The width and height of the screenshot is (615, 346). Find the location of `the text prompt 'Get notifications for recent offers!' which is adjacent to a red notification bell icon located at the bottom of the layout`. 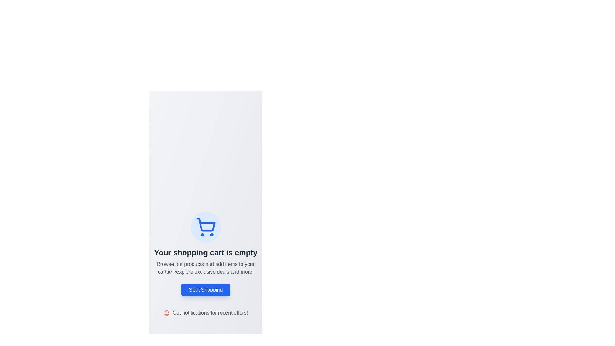

the text prompt 'Get notifications for recent offers!' which is adjacent to a red notification bell icon located at the bottom of the layout is located at coordinates (206, 312).